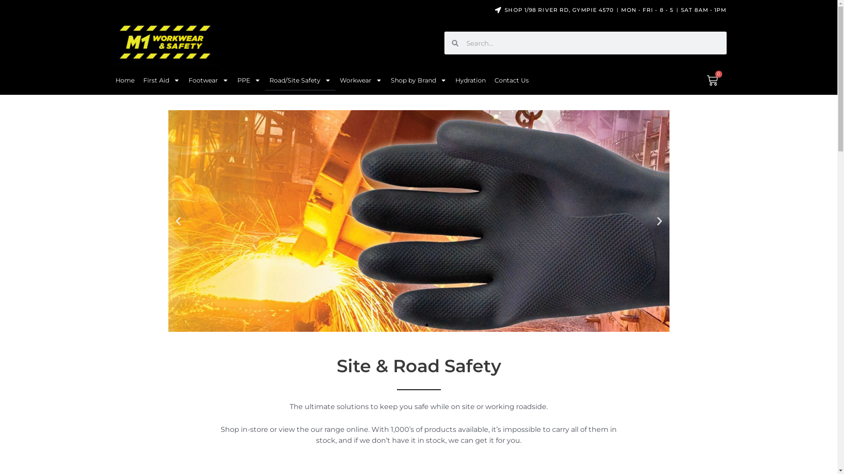  I want to click on 'Workwear', so click(360, 80).